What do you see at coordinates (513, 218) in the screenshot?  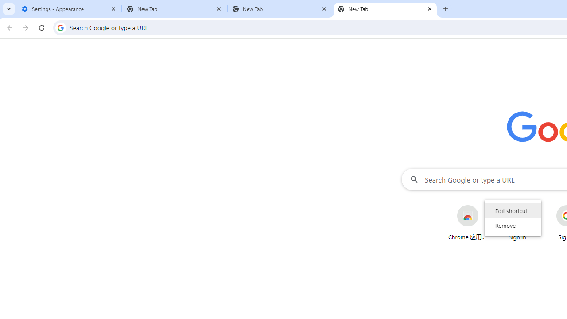 I see `'AutomationID: wrapper'` at bounding box center [513, 218].